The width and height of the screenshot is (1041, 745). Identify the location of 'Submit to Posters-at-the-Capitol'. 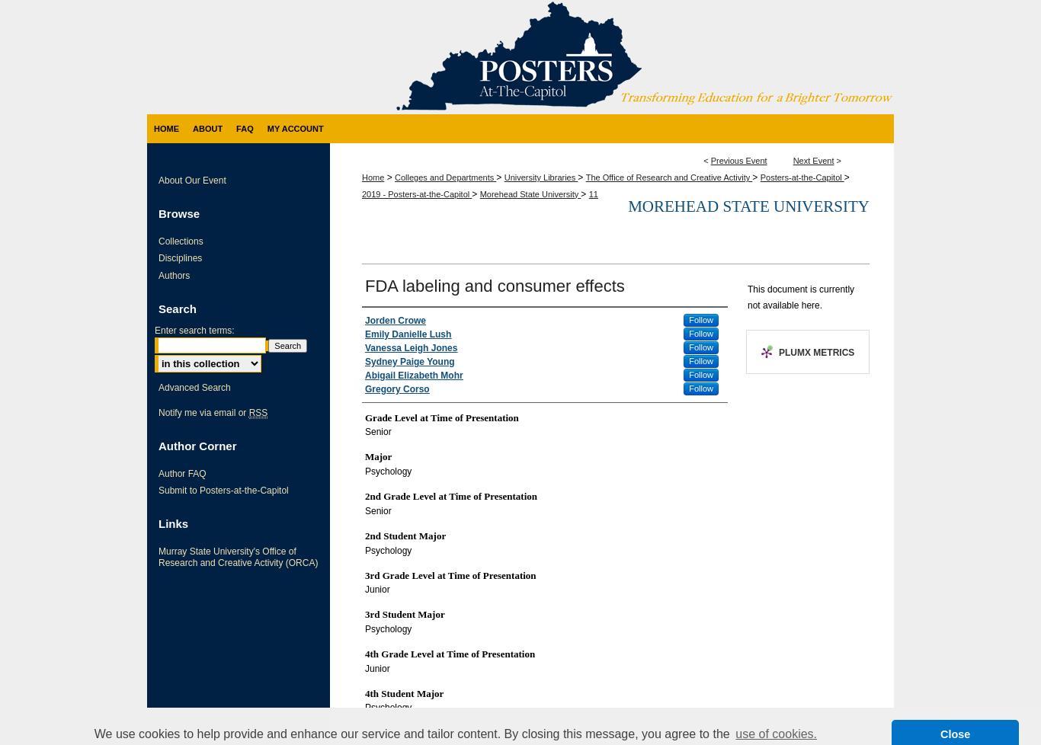
(223, 491).